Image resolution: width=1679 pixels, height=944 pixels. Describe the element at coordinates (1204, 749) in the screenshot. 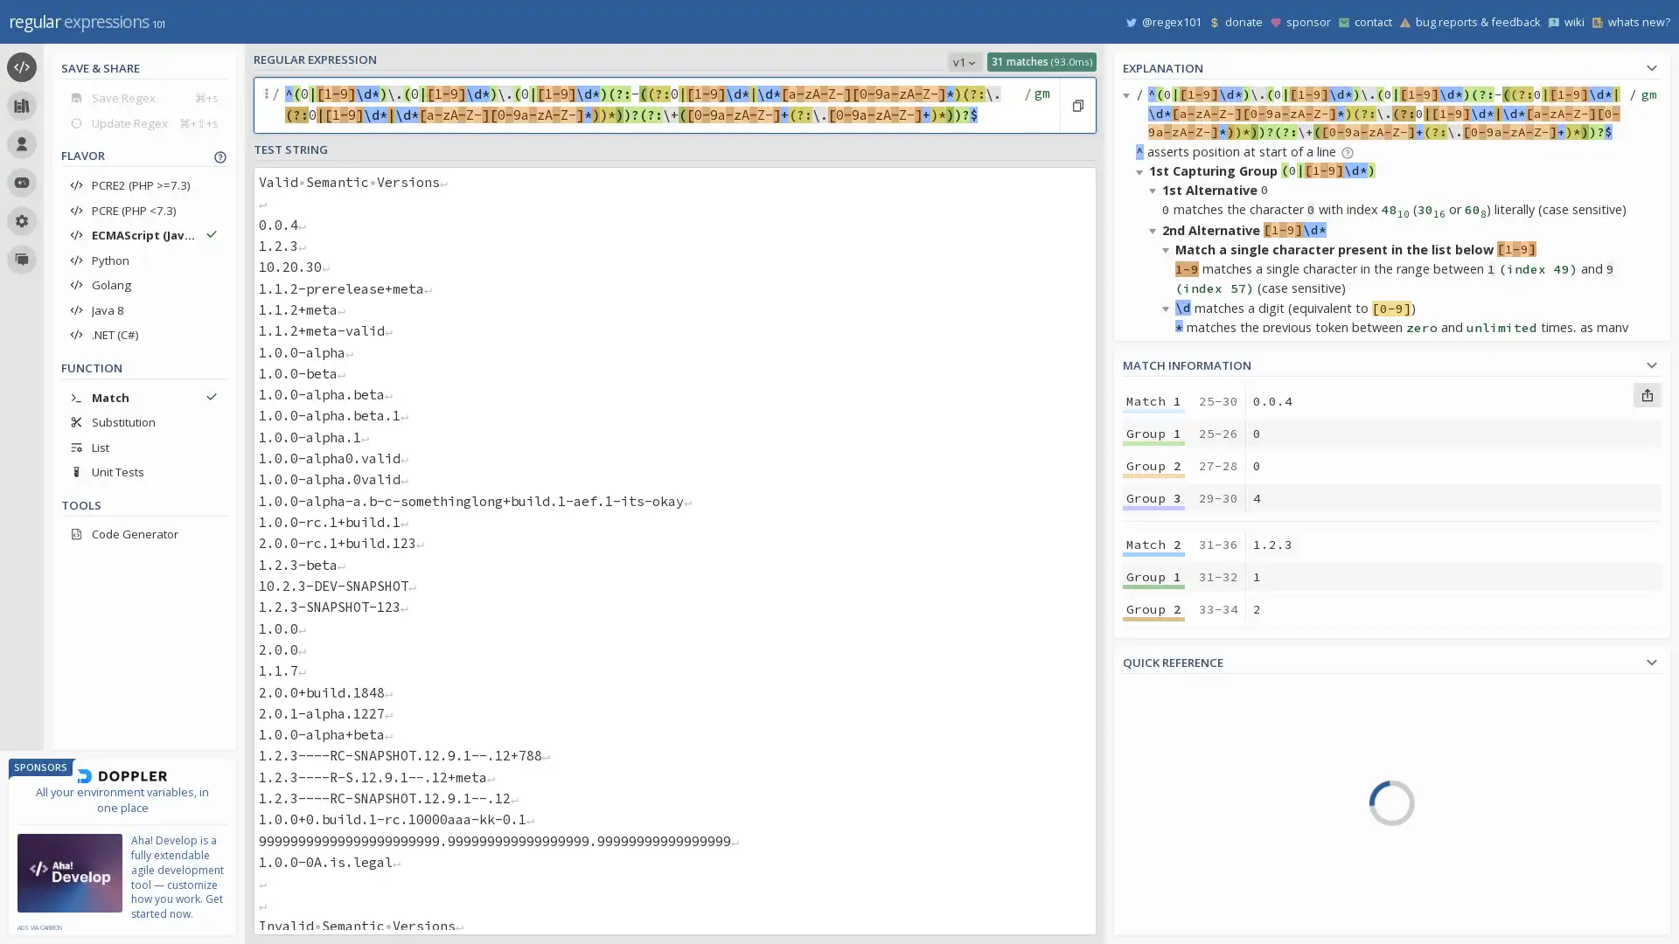

I see `Common Tokens` at that location.